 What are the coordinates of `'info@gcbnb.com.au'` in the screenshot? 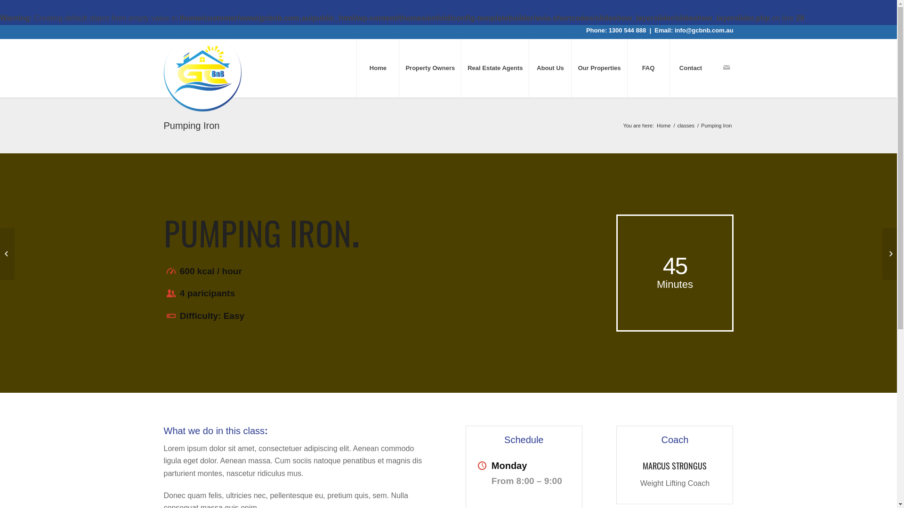 It's located at (674, 30).